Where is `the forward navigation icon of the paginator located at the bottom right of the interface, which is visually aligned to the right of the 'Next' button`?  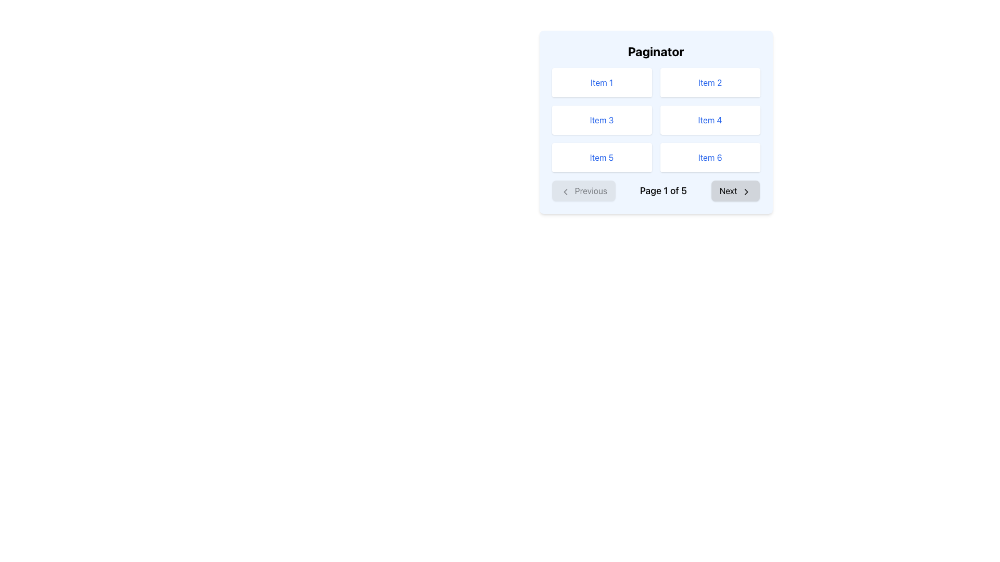 the forward navigation icon of the paginator located at the bottom right of the interface, which is visually aligned to the right of the 'Next' button is located at coordinates (746, 191).